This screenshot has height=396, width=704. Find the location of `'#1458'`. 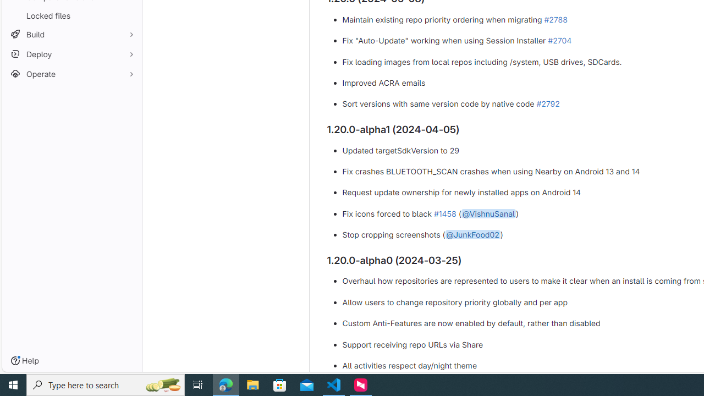

'#1458' is located at coordinates (444, 213).